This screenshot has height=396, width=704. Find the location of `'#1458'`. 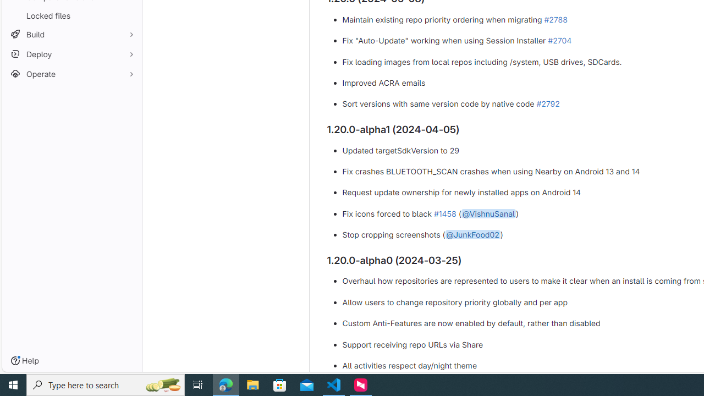

'#1458' is located at coordinates (444, 213).